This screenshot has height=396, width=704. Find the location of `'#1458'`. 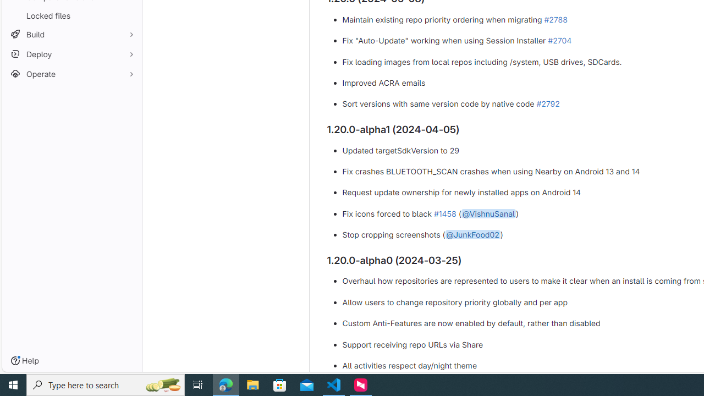

'#1458' is located at coordinates (444, 213).